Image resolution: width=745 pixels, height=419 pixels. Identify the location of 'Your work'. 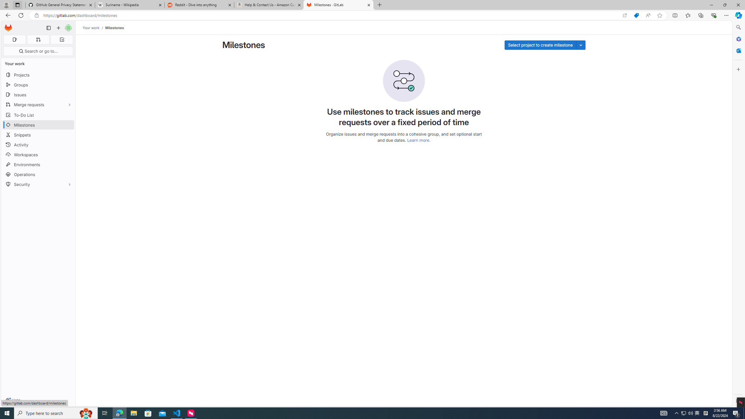
(91, 28).